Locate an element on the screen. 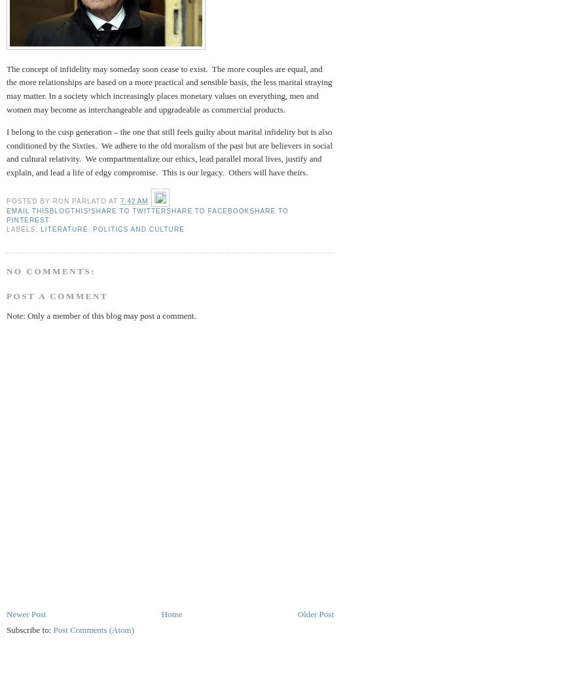 Image resolution: width=576 pixels, height=682 pixels. 'at' is located at coordinates (113, 201).